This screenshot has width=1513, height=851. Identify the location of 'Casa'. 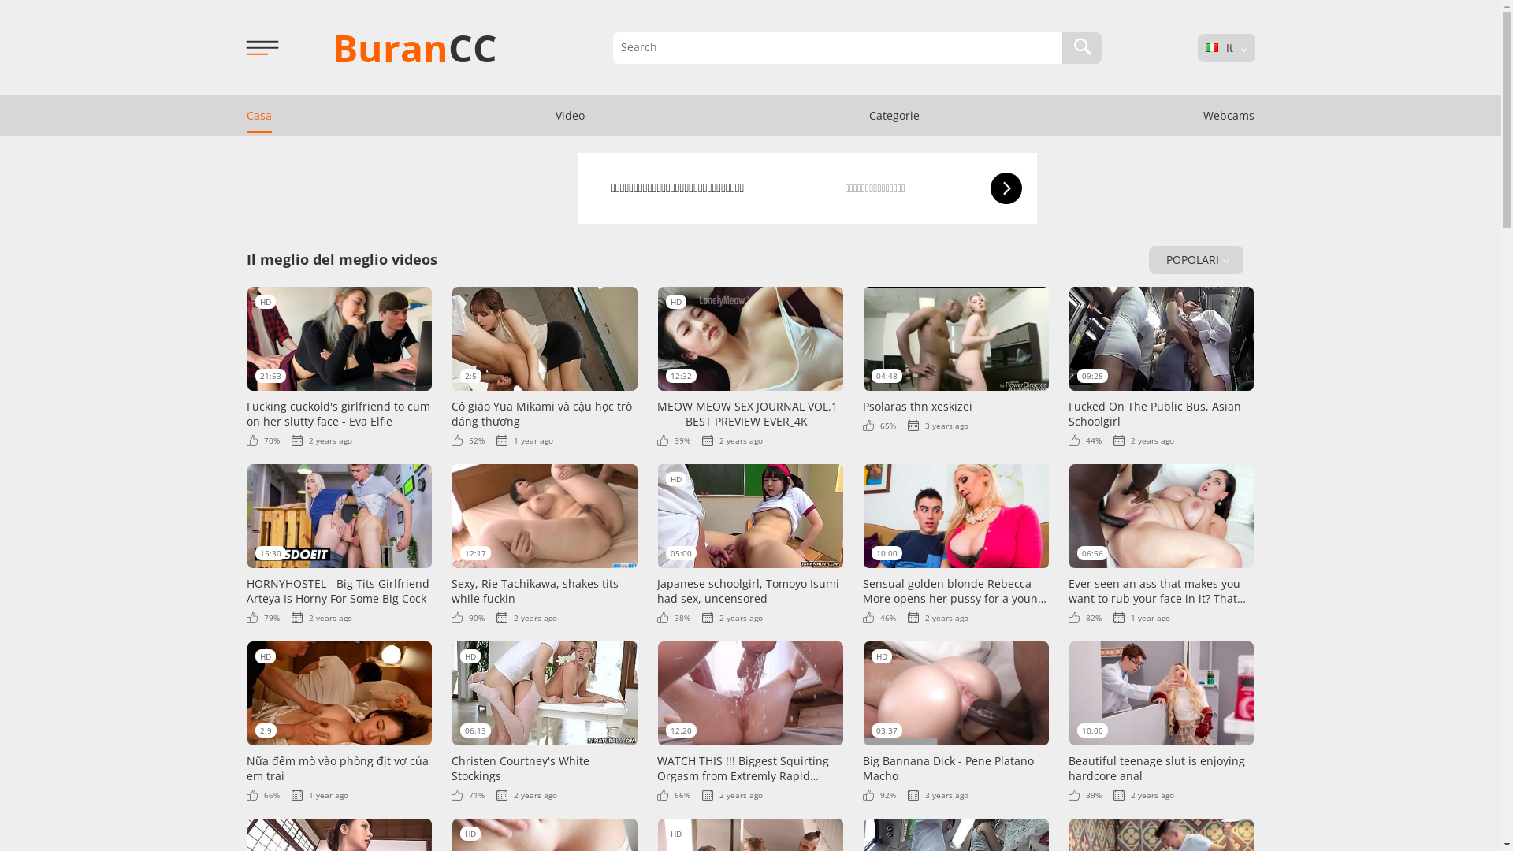
(258, 114).